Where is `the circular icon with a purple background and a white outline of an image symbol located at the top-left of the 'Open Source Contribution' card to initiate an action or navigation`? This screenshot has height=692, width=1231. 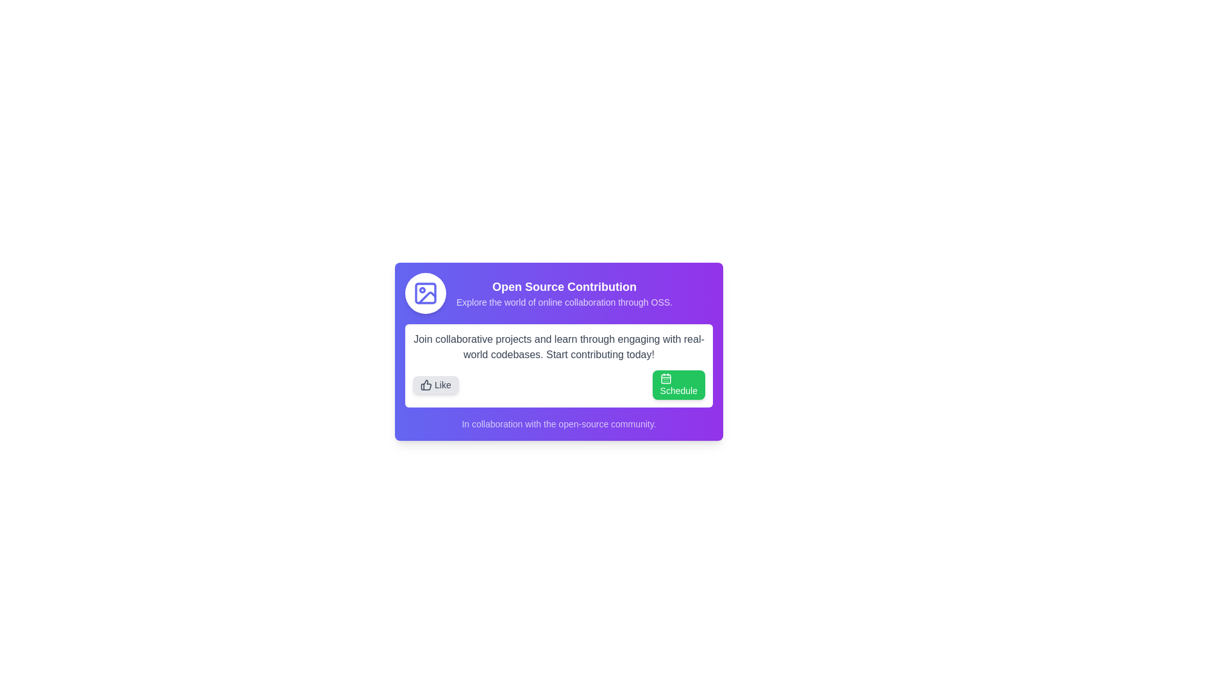 the circular icon with a purple background and a white outline of an image symbol located at the top-left of the 'Open Source Contribution' card to initiate an action or navigation is located at coordinates (425, 293).